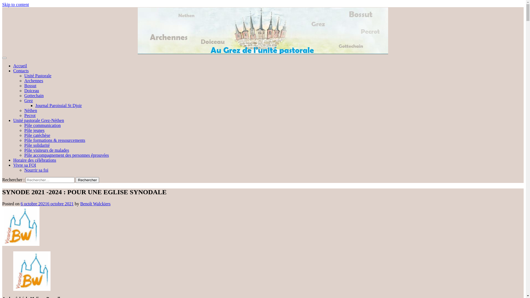  What do you see at coordinates (24, 86) in the screenshot?
I see `'Bossut'` at bounding box center [24, 86].